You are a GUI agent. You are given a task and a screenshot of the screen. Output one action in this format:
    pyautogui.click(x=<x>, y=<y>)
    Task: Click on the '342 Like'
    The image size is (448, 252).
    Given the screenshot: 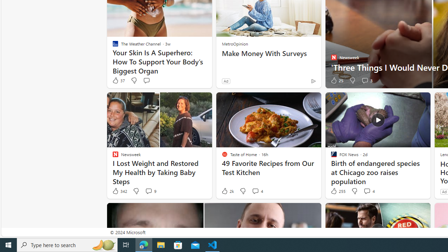 What is the action you would take?
    pyautogui.click(x=119, y=191)
    